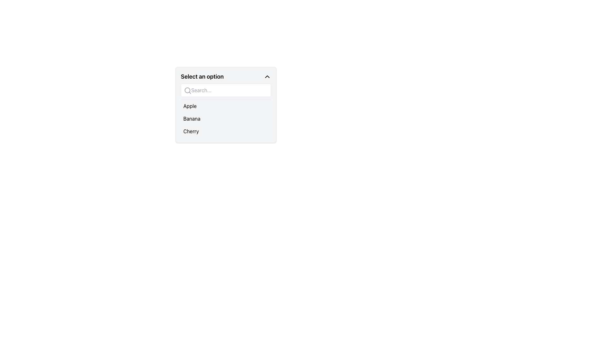  Describe the element at coordinates (226, 118) in the screenshot. I see `the 'Banana' option in the dropdown menu` at that location.